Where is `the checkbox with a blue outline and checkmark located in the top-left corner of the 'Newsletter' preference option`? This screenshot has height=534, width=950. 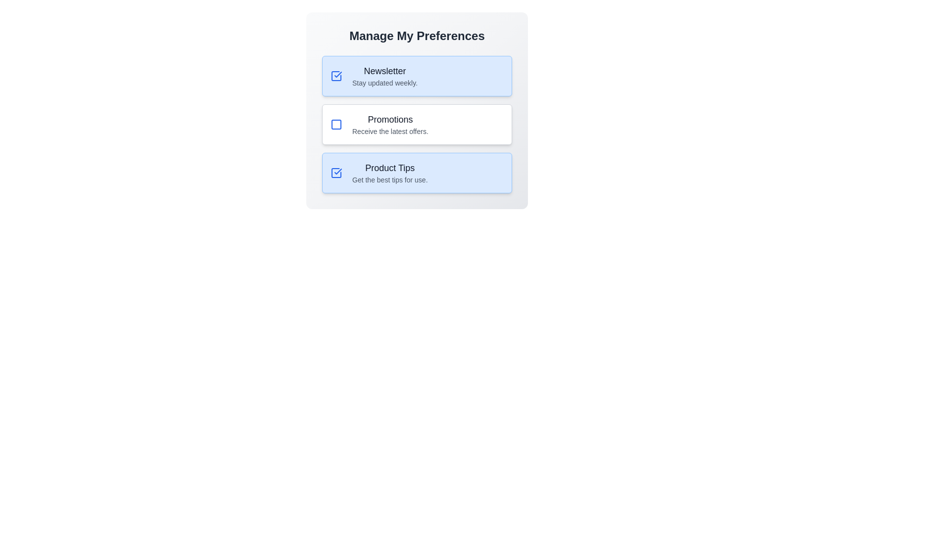
the checkbox with a blue outline and checkmark located in the top-left corner of the 'Newsletter' preference option is located at coordinates (336, 76).